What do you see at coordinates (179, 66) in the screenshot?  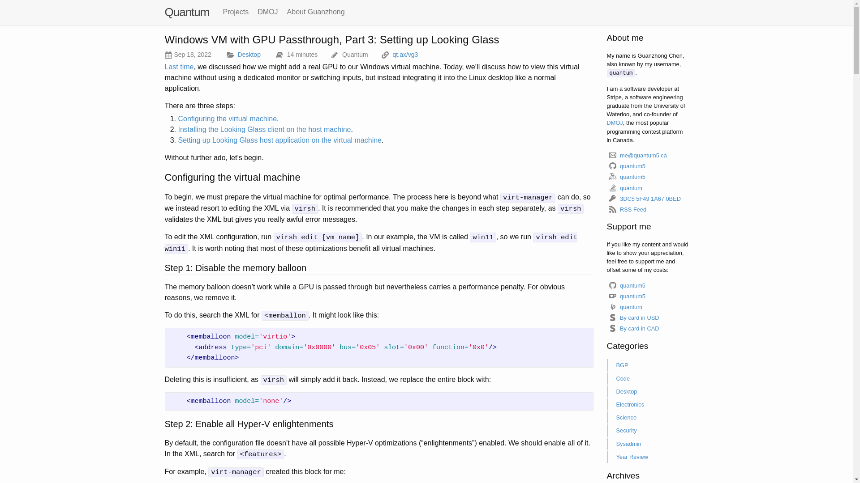 I see `'Last time'` at bounding box center [179, 66].